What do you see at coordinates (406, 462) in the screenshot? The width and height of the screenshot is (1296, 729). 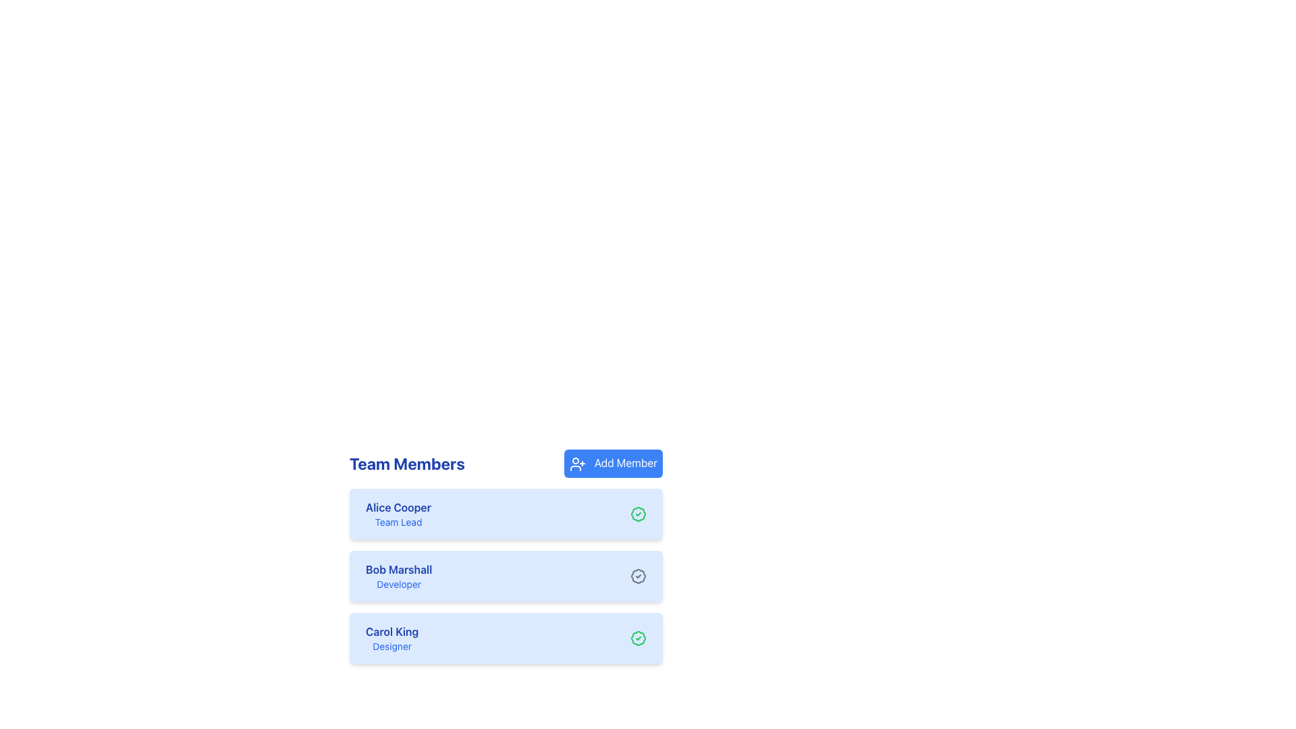 I see `text from the Text Label that serves as the header for managing team members, located at the top-left corner of the interface` at bounding box center [406, 462].